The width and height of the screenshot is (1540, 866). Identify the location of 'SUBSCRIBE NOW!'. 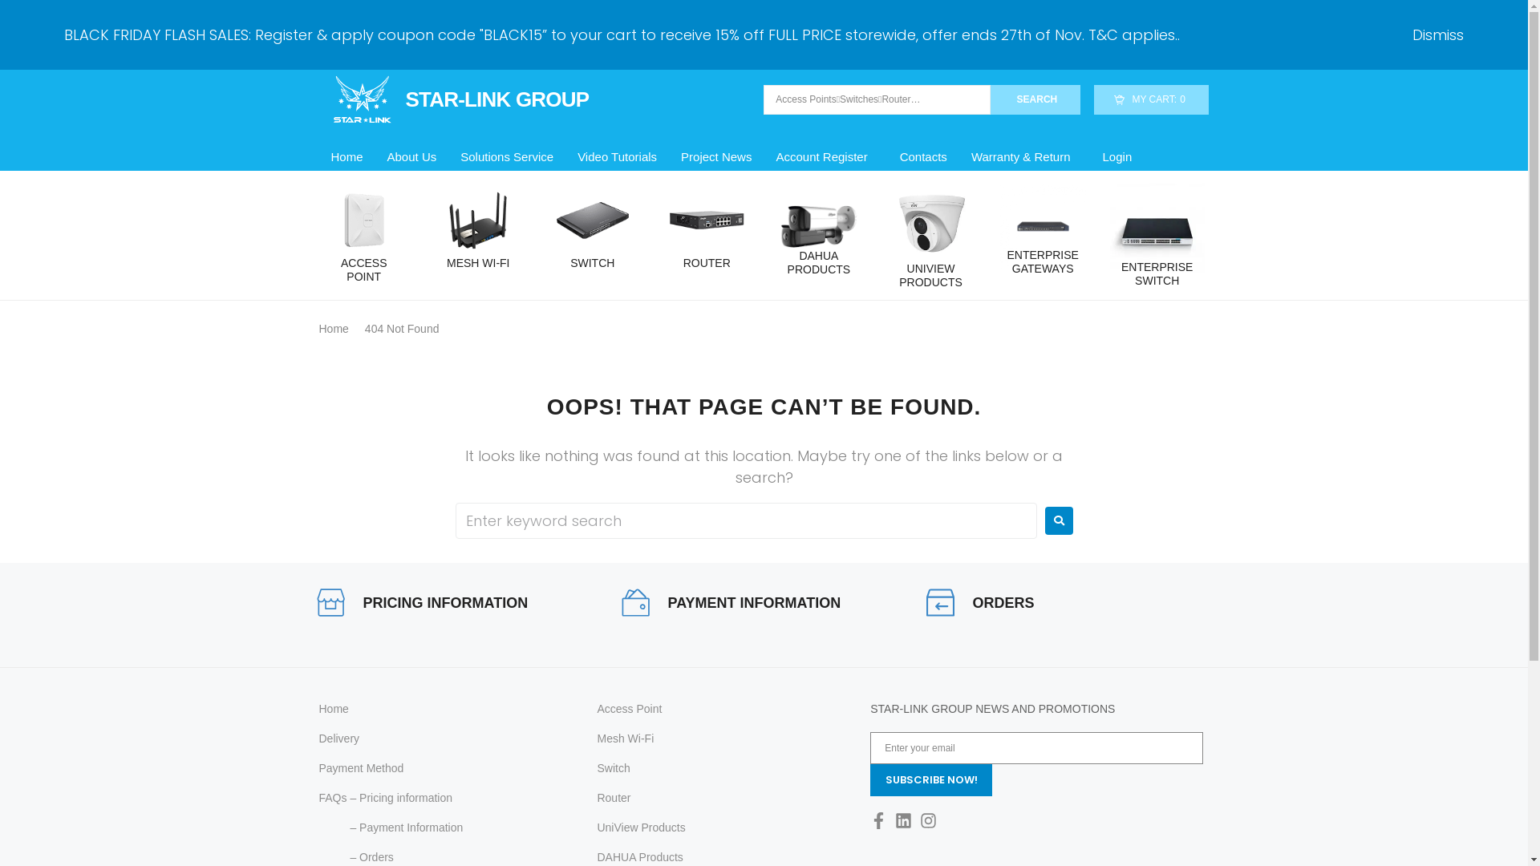
(931, 779).